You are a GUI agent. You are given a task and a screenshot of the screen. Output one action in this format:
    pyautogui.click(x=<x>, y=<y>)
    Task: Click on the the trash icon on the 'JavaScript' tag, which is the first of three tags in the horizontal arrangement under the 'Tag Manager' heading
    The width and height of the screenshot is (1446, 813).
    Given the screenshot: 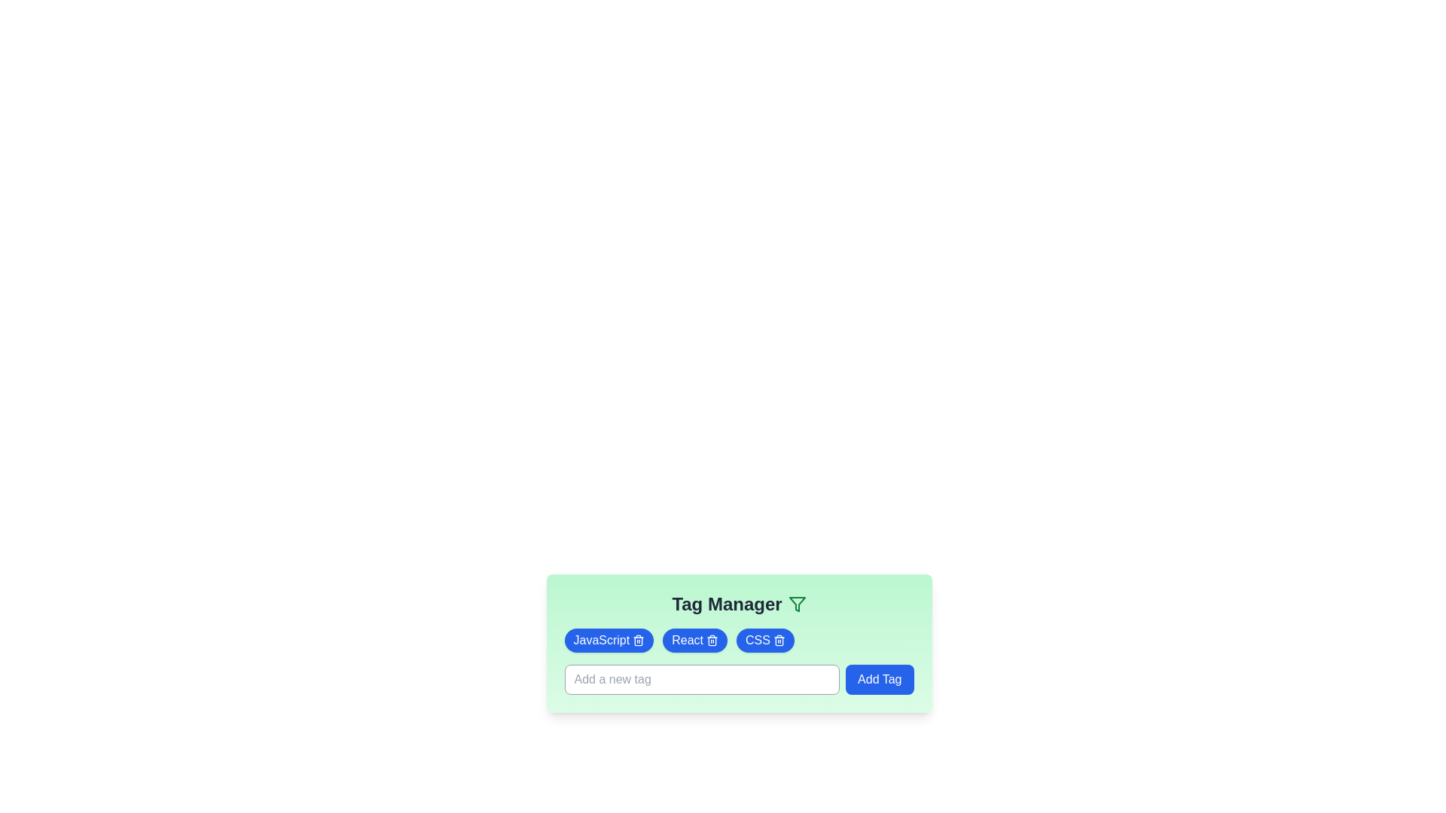 What is the action you would take?
    pyautogui.click(x=609, y=641)
    